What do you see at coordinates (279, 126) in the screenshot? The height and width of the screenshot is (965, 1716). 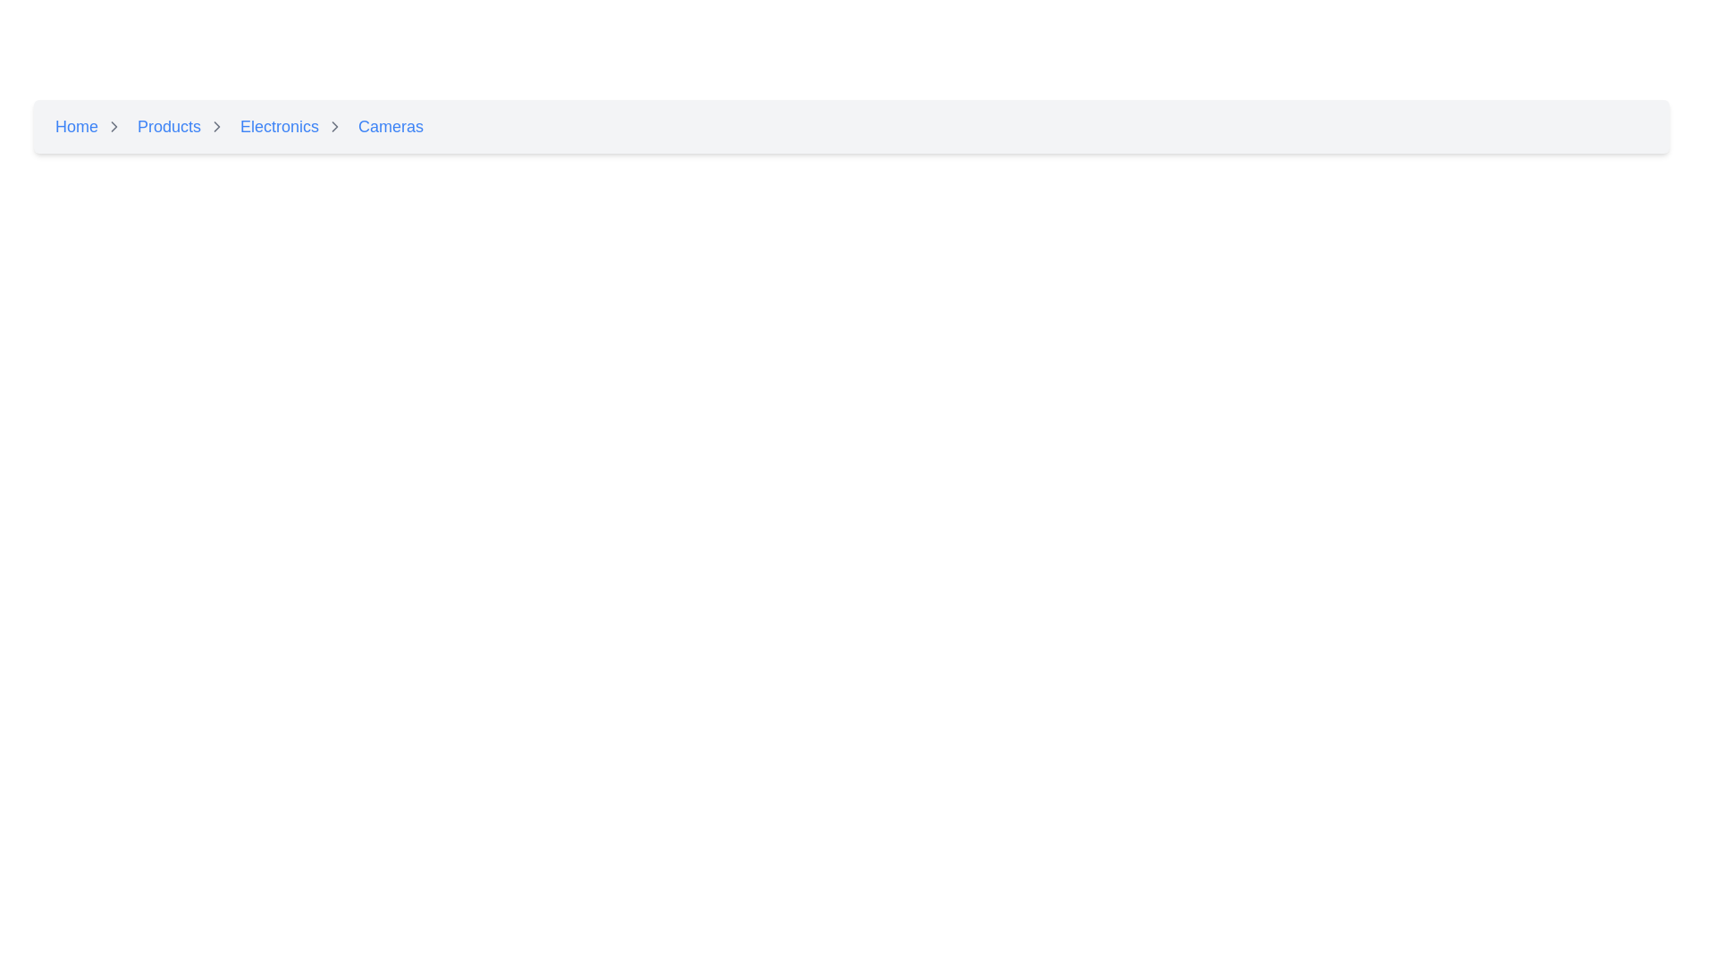 I see `the 'Electronics' hyperlink in the breadcrumb navigation bar` at bounding box center [279, 126].